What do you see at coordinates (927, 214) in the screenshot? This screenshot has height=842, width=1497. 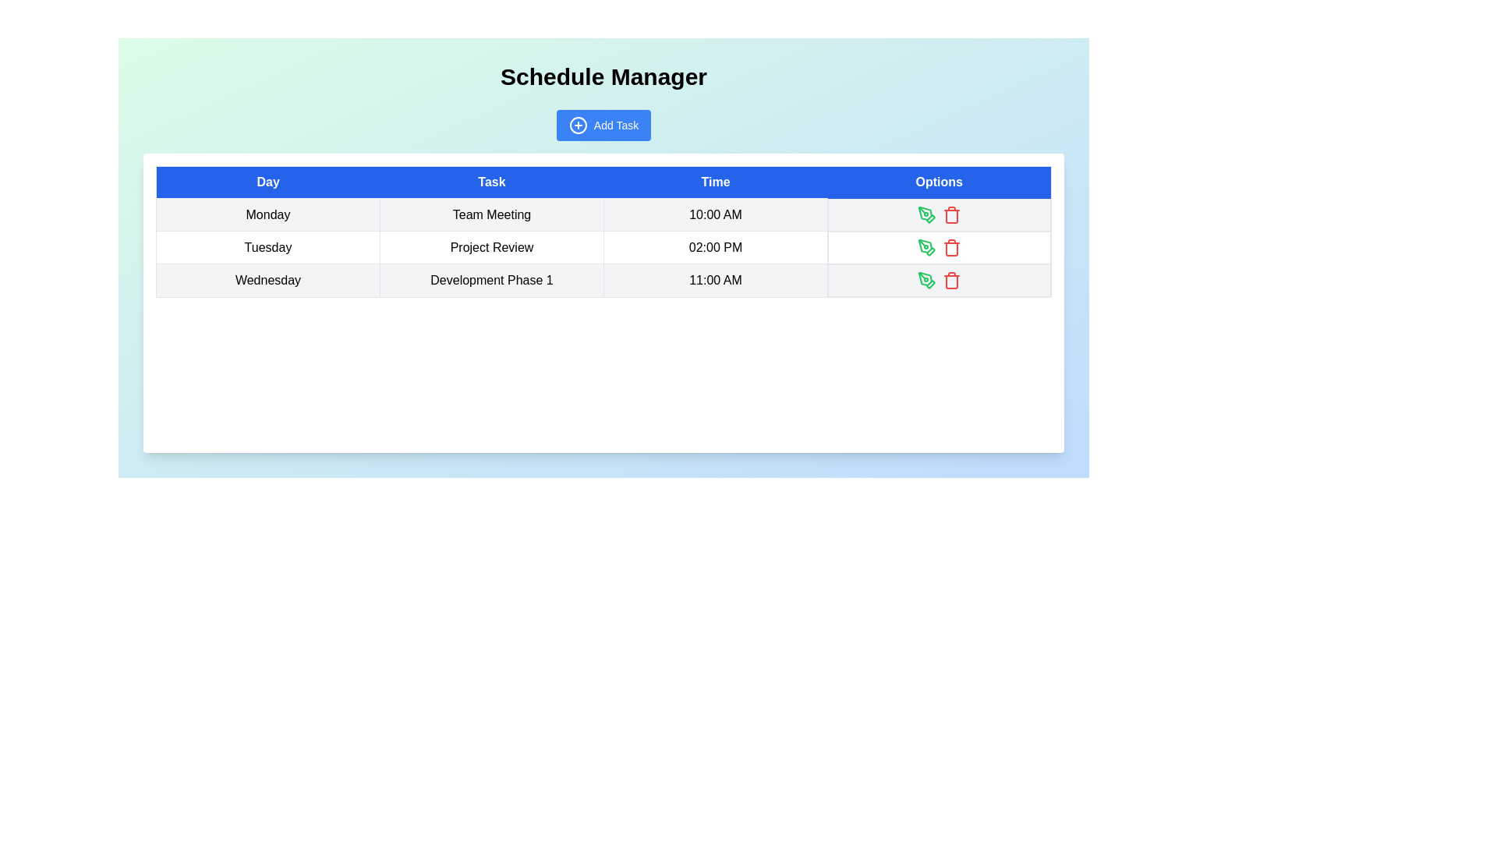 I see `the edit icon for the task in the Options column corresponding to Team Meeting` at bounding box center [927, 214].